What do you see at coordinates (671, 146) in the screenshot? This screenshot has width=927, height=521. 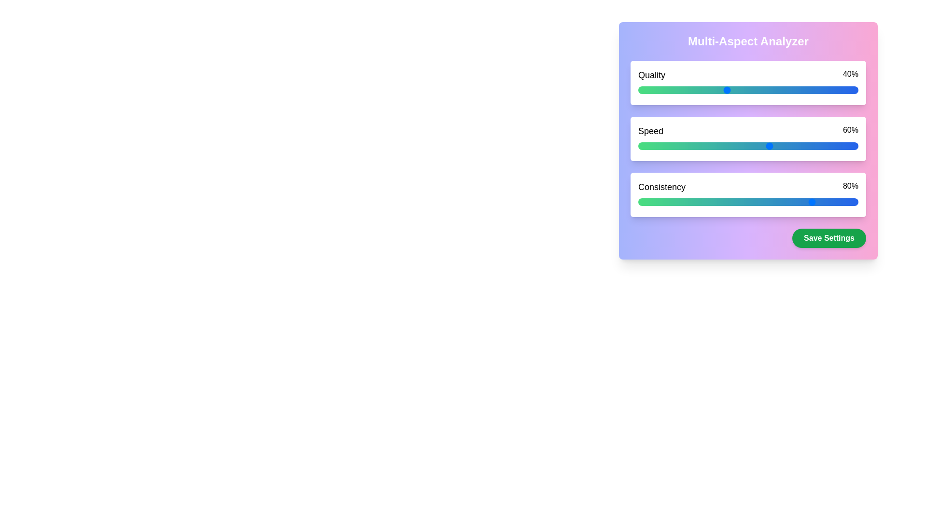 I see `the speed value` at bounding box center [671, 146].